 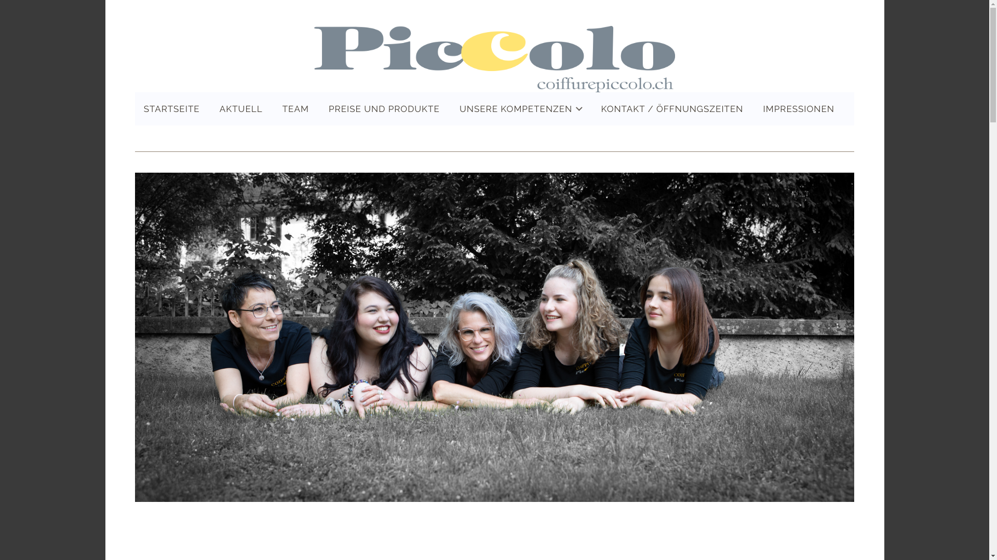 I want to click on 'PREISE UND PRODUKTE', so click(x=319, y=108).